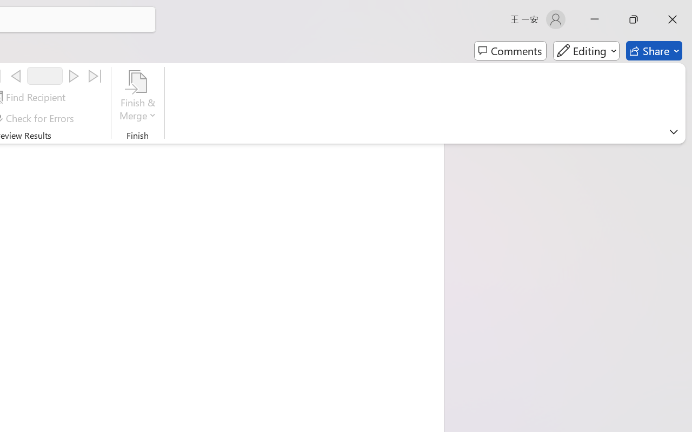 The width and height of the screenshot is (692, 432). What do you see at coordinates (585, 51) in the screenshot?
I see `'Mode'` at bounding box center [585, 51].